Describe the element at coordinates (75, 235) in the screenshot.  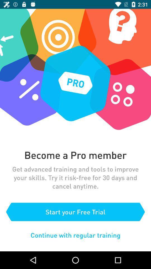
I see `icon below the start your free item` at that location.